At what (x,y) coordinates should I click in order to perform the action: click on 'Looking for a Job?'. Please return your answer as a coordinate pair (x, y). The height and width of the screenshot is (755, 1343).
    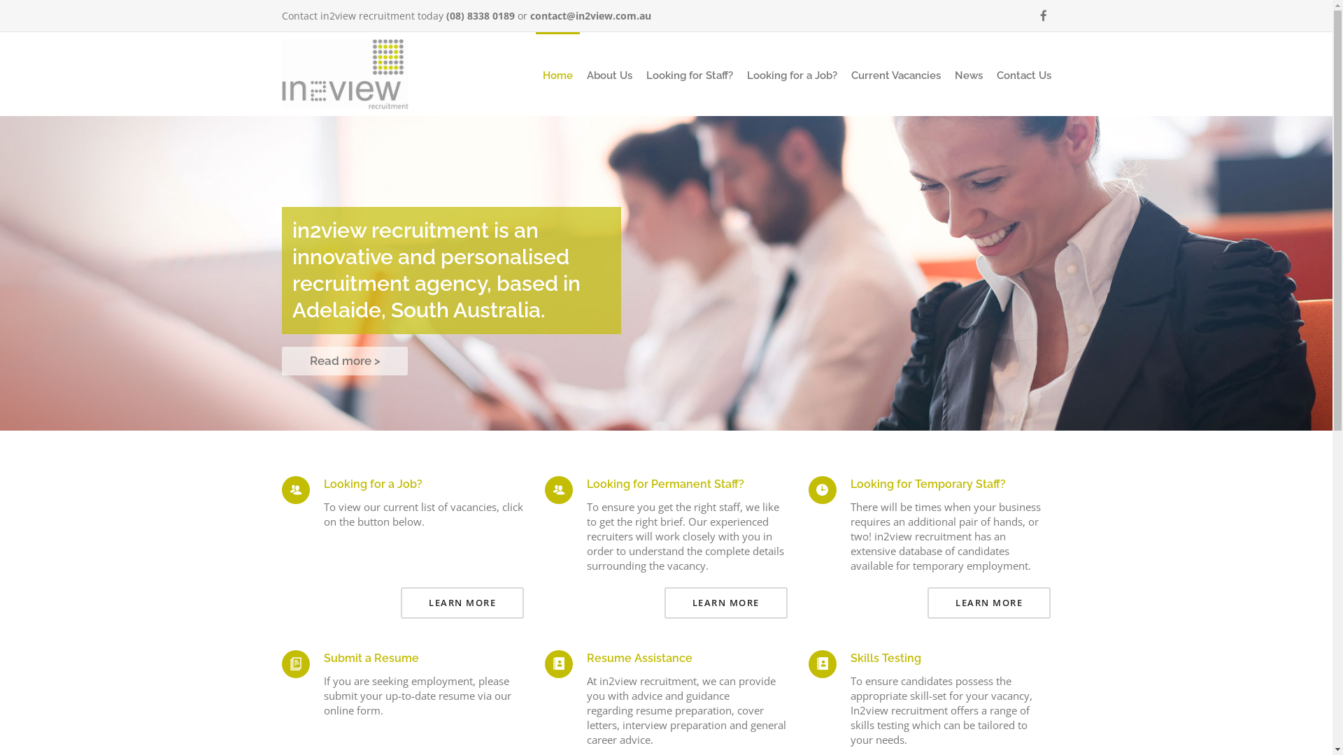
    Looking at the image, I should click on (372, 483).